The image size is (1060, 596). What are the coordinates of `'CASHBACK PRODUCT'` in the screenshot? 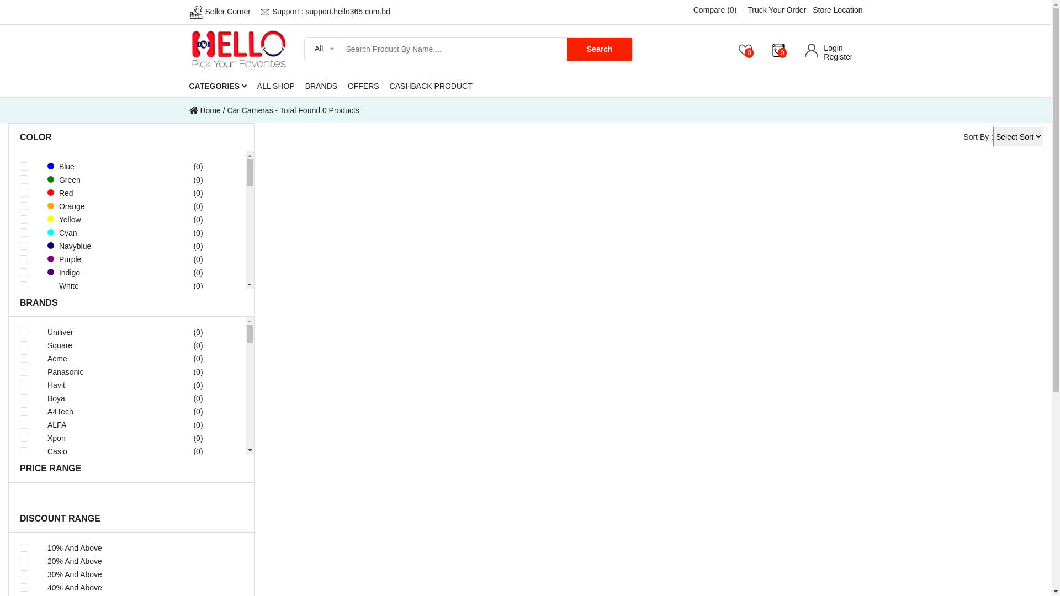 It's located at (434, 85).